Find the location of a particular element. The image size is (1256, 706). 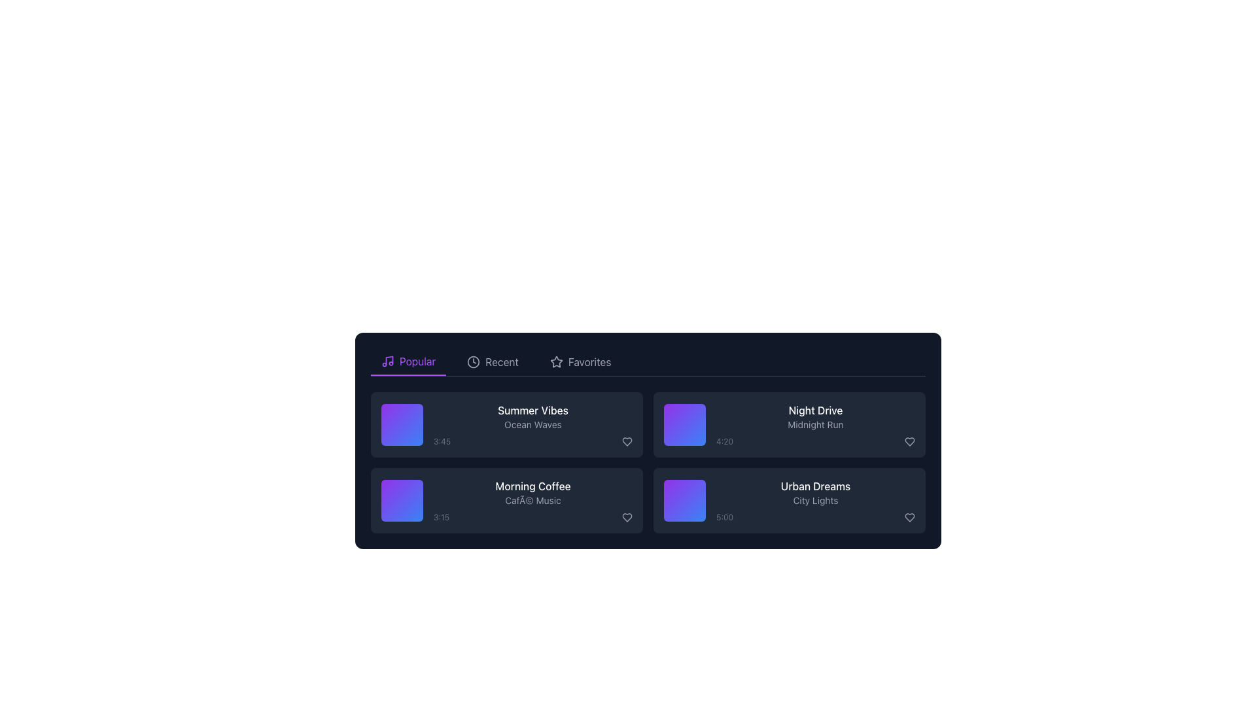

the non-interactive text label that displays additional descriptive text below the 'Night Drive' title is located at coordinates (815, 425).